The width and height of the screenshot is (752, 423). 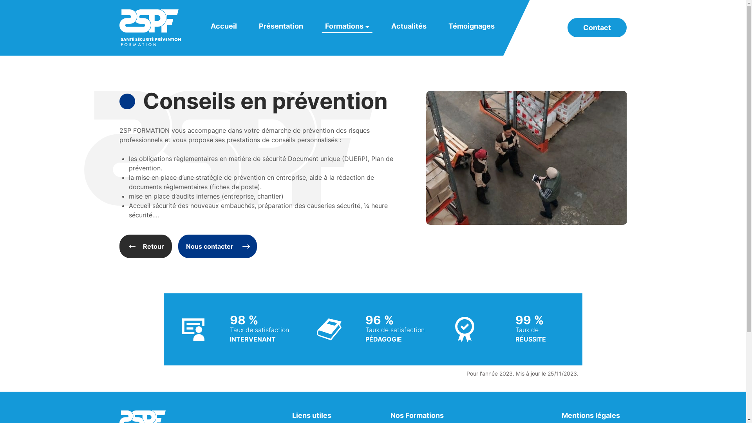 I want to click on 'Formations', so click(x=347, y=25).